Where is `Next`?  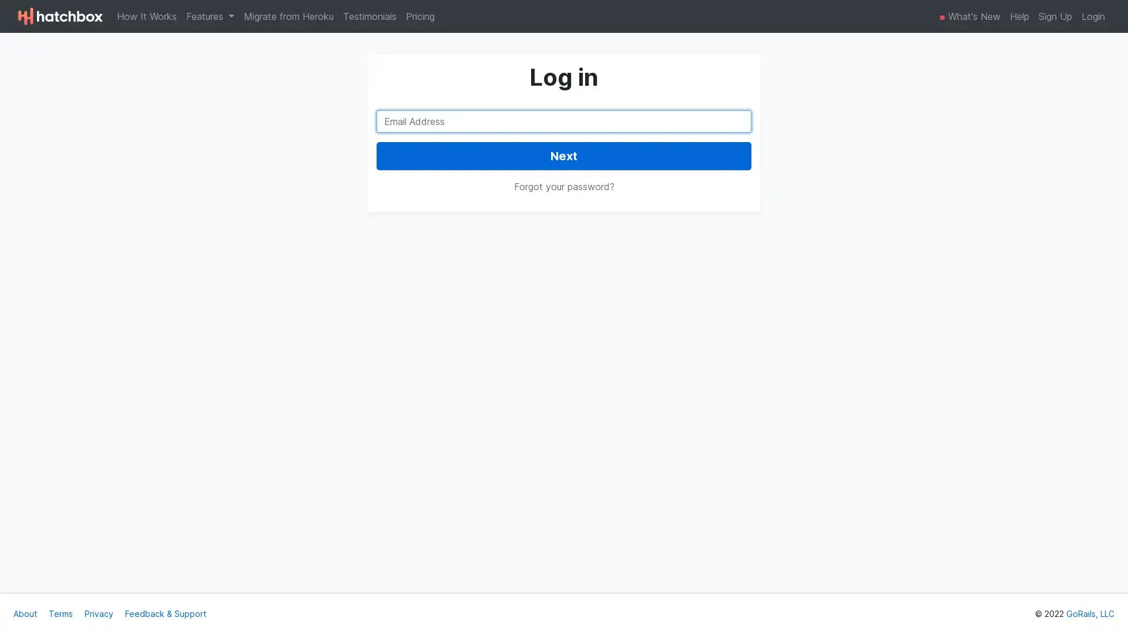 Next is located at coordinates (564, 156).